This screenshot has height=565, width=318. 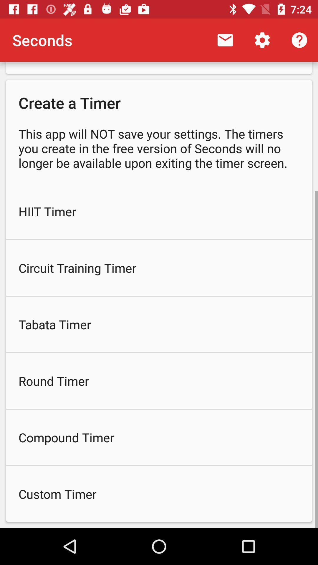 I want to click on the tabata timer icon, so click(x=159, y=324).